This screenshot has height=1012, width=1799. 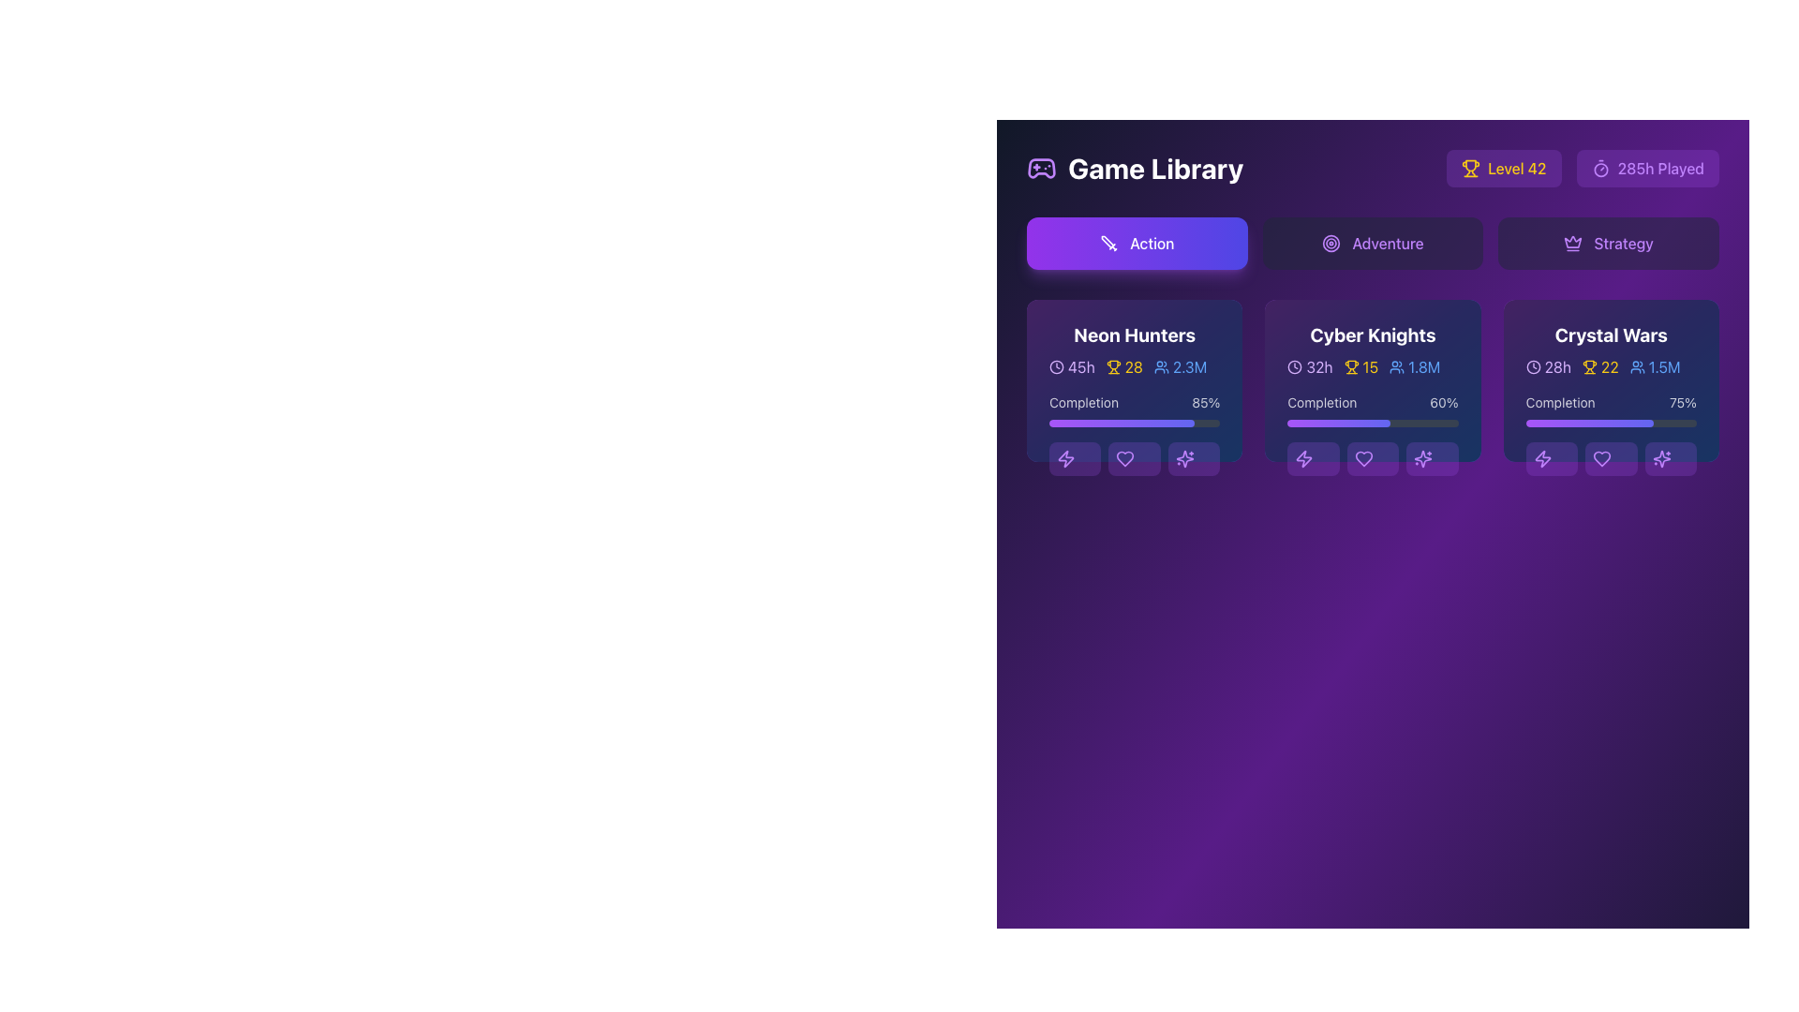 I want to click on the rightmost button in the horizontal group of three buttons, which is used for selecting the 'Strategy' category, so click(x=1608, y=242).